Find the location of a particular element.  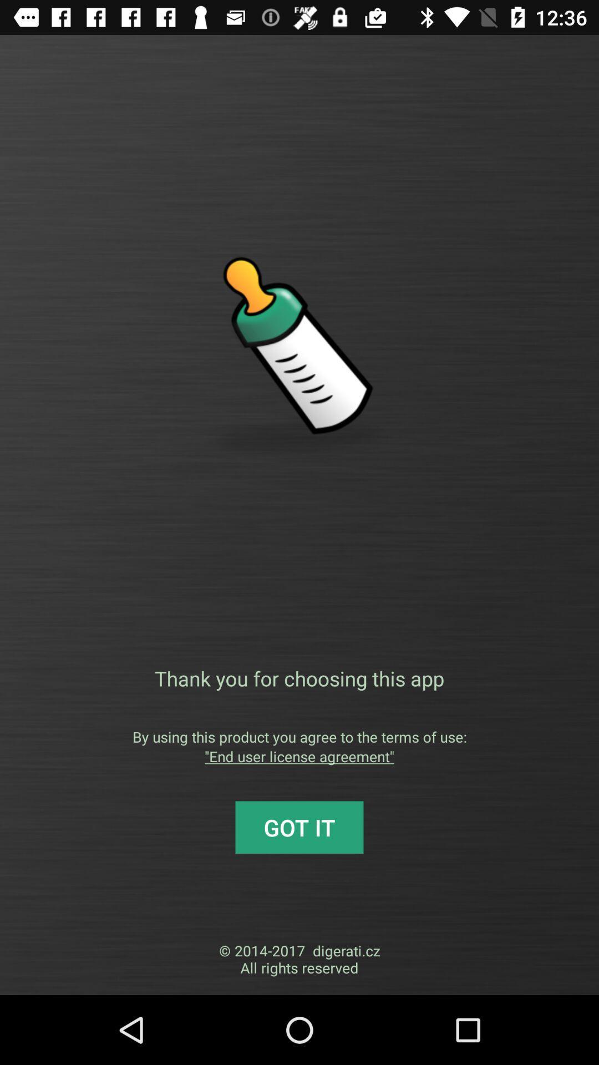

the end user license is located at coordinates (299, 755).